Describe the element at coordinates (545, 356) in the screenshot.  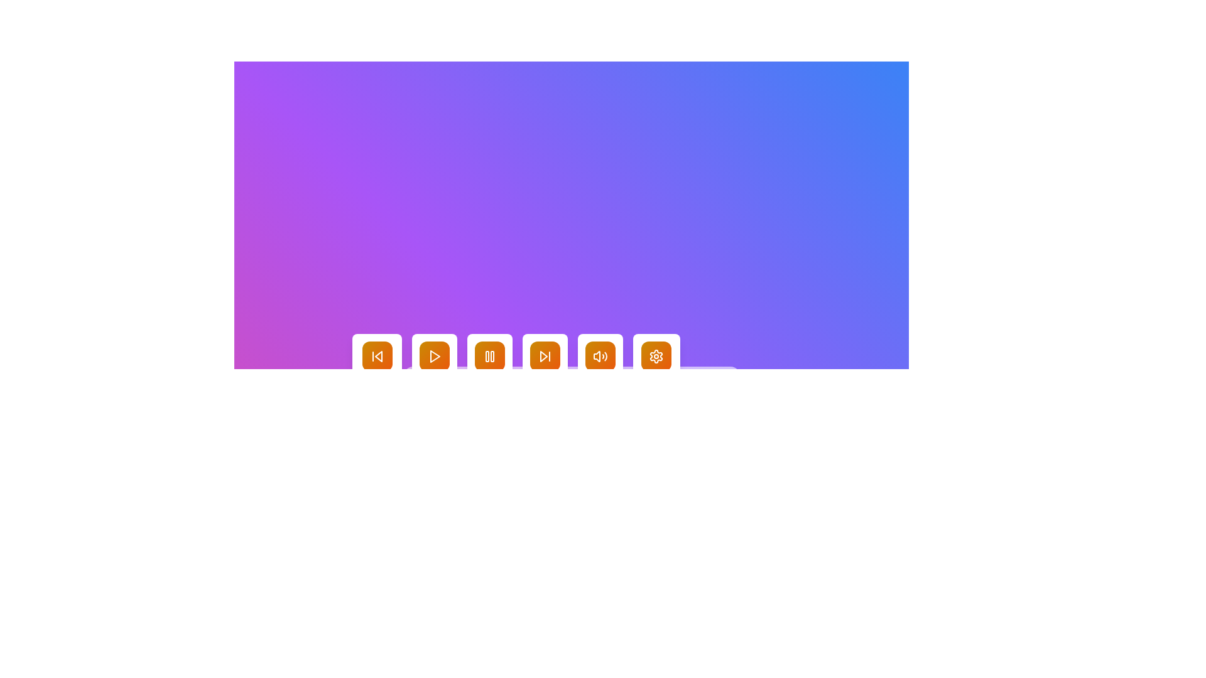
I see `the skip to next item icon button located in the middle of the bottom row, the fifth icon from the left in a series of six similar-sized containers` at that location.